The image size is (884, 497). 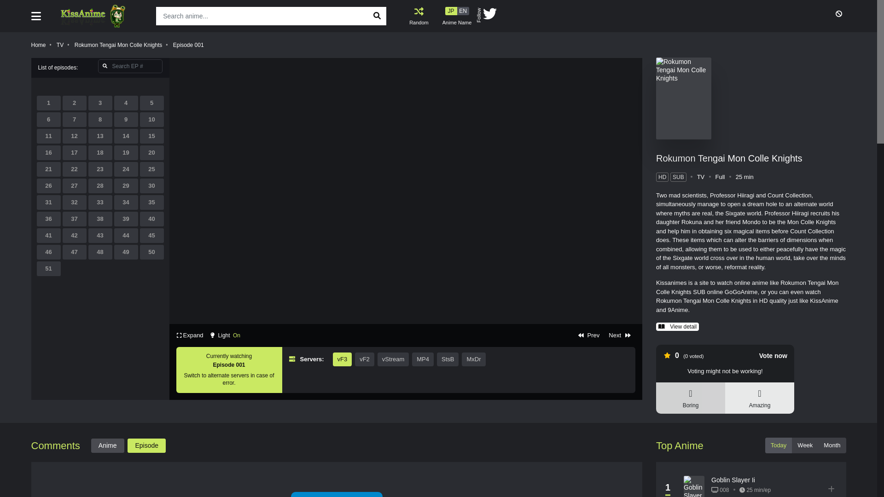 What do you see at coordinates (100, 186) in the screenshot?
I see `'28'` at bounding box center [100, 186].